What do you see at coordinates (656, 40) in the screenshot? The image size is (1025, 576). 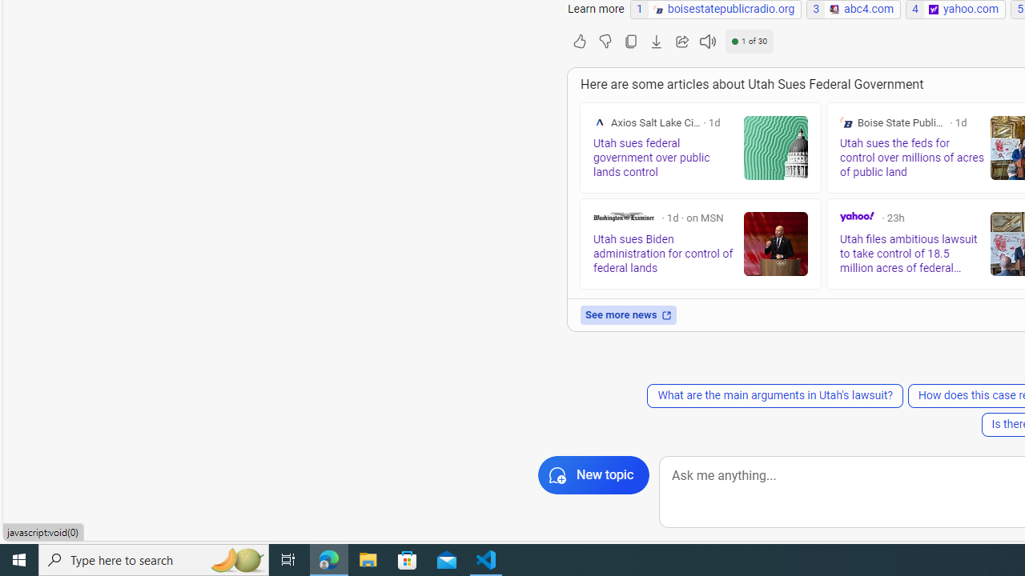 I see `'Export'` at bounding box center [656, 40].